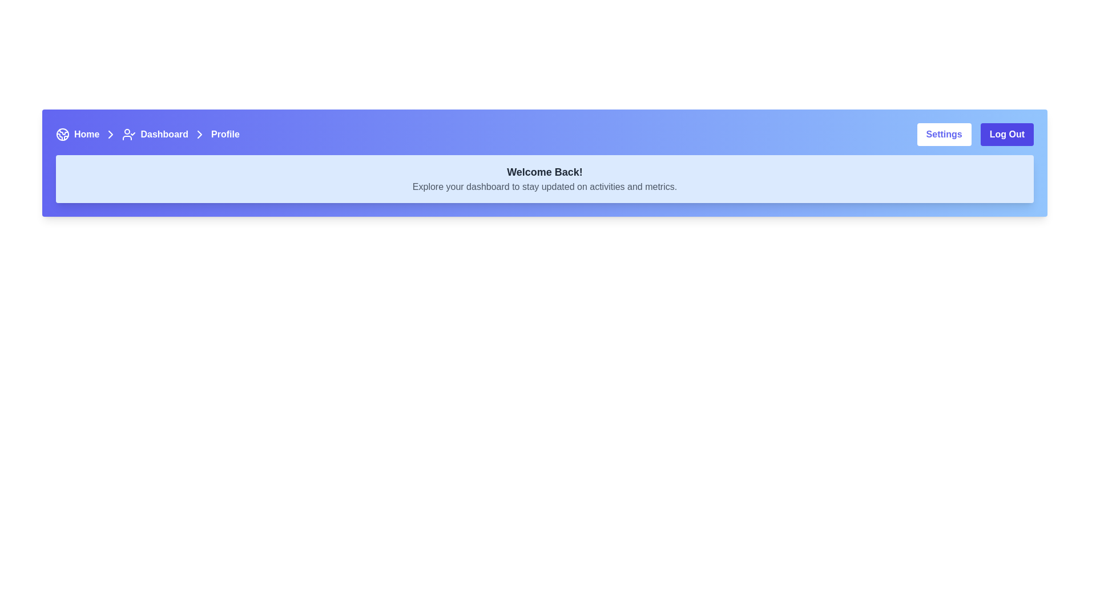 The image size is (1096, 616). I want to click on the text label that reads 'Welcome Back!' styled in bold, large dark gray font, prominently positioned in the center of a light blue background, so click(544, 172).